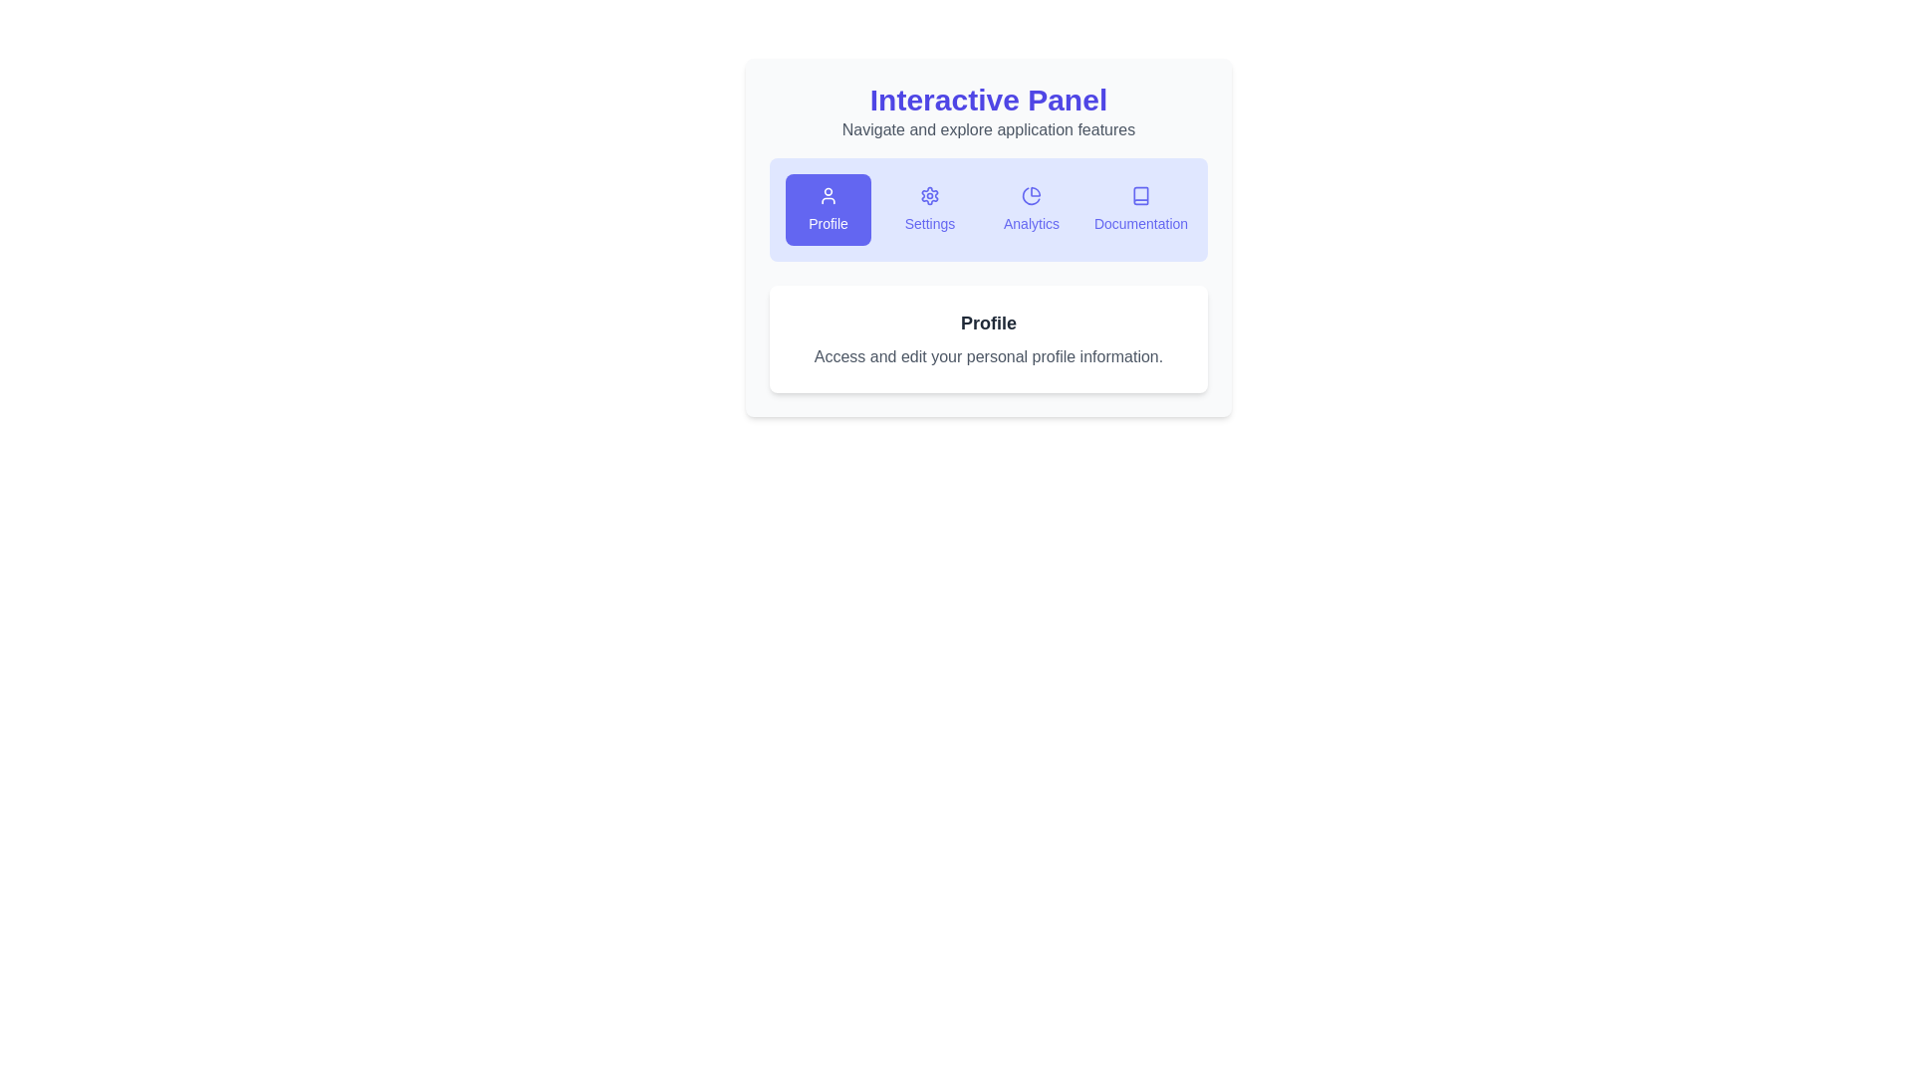 This screenshot has width=1912, height=1075. I want to click on text label that says 'Navigate and explore application features', located below the title 'Interactive Panel' in the top-center region of the interface, so click(989, 130).